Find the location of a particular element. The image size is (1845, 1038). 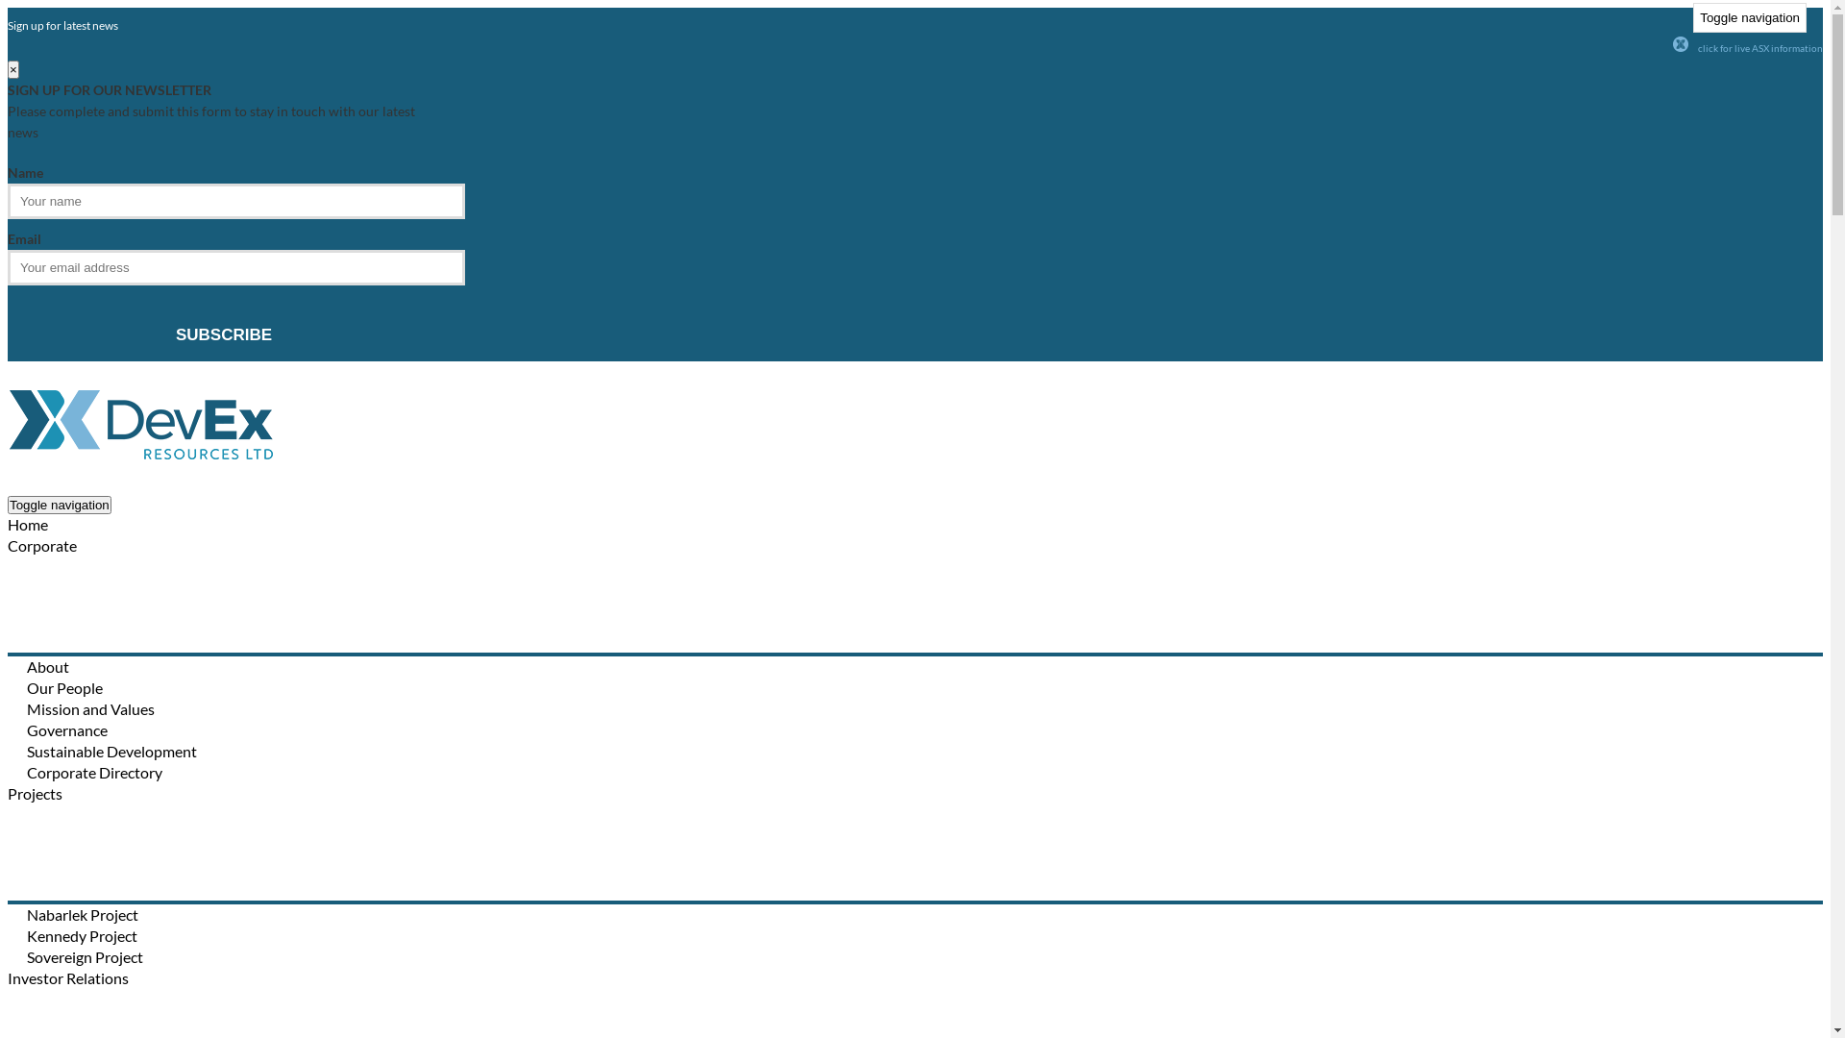

'Investor Relations' is located at coordinates (68, 977).